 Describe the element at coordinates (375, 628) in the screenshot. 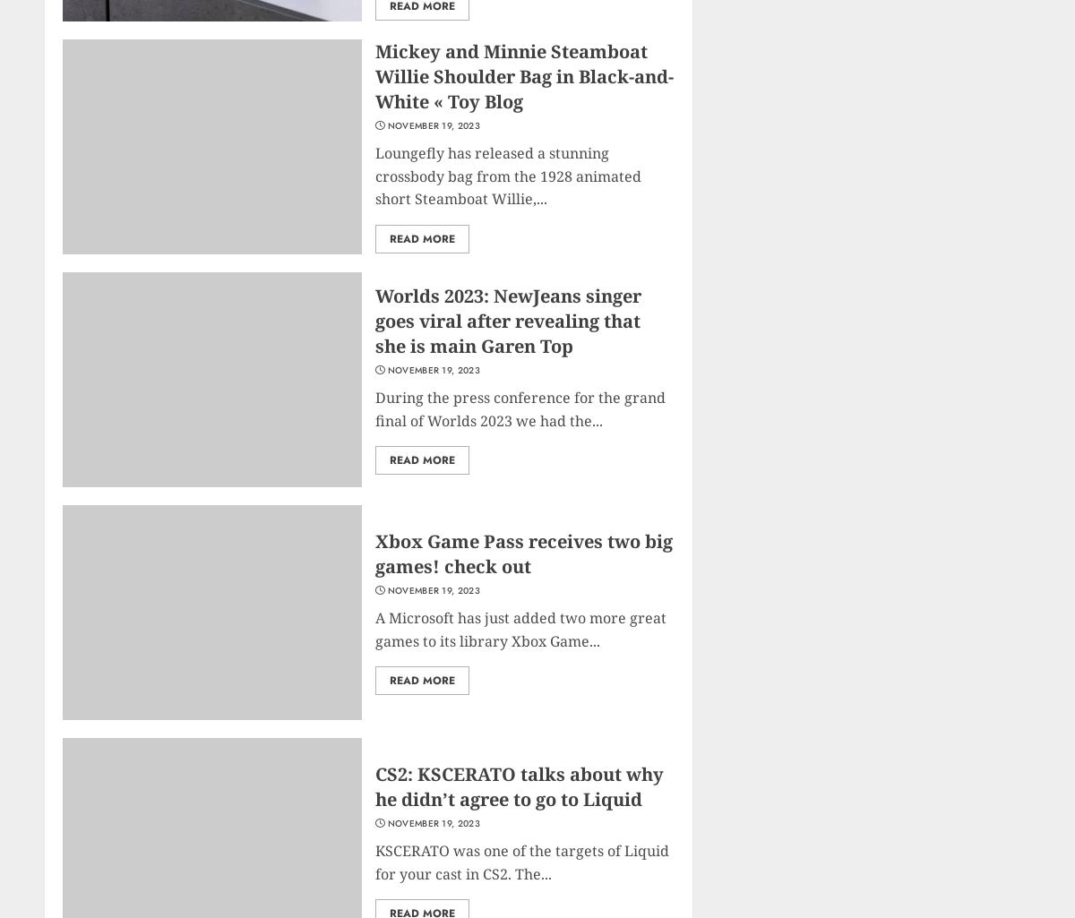

I see `'A Microsoft has just added two more great games to its library Xbox Game...'` at that location.